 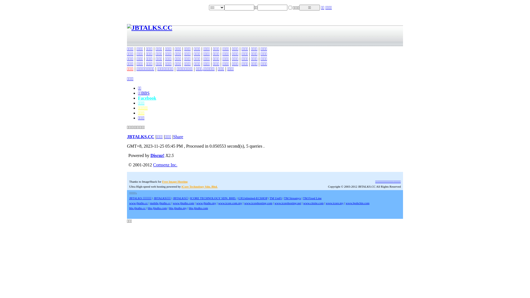 I want to click on 'www.jbtalks.com', so click(x=183, y=203).